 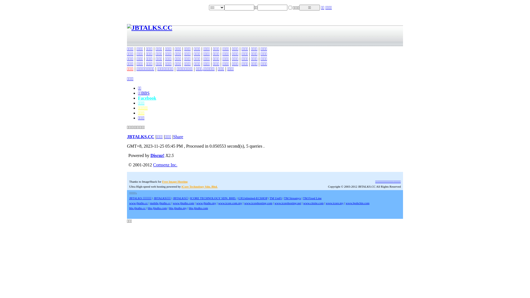 I want to click on 'www.jbtalks.com', so click(x=183, y=203).